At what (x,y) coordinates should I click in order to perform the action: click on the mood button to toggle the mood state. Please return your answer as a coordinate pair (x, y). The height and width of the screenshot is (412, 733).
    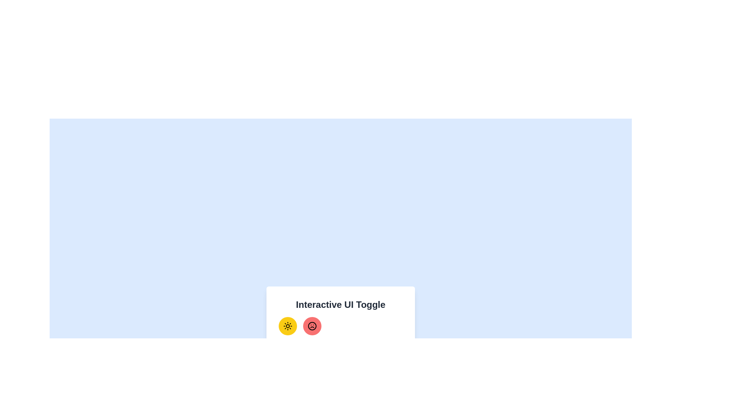
    Looking at the image, I should click on (312, 326).